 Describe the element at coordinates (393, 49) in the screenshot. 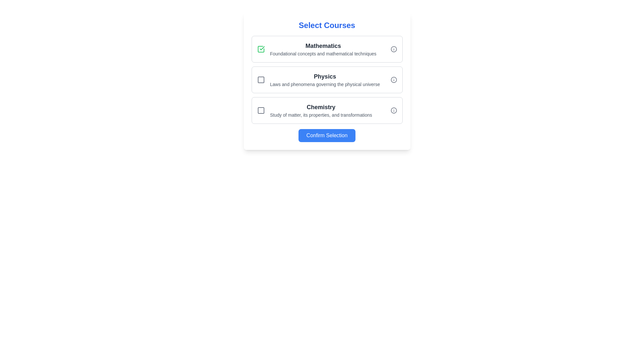

I see `the circular graphical element representing an actionable feature in the 'Mathematics' section of the course selection panel` at that location.